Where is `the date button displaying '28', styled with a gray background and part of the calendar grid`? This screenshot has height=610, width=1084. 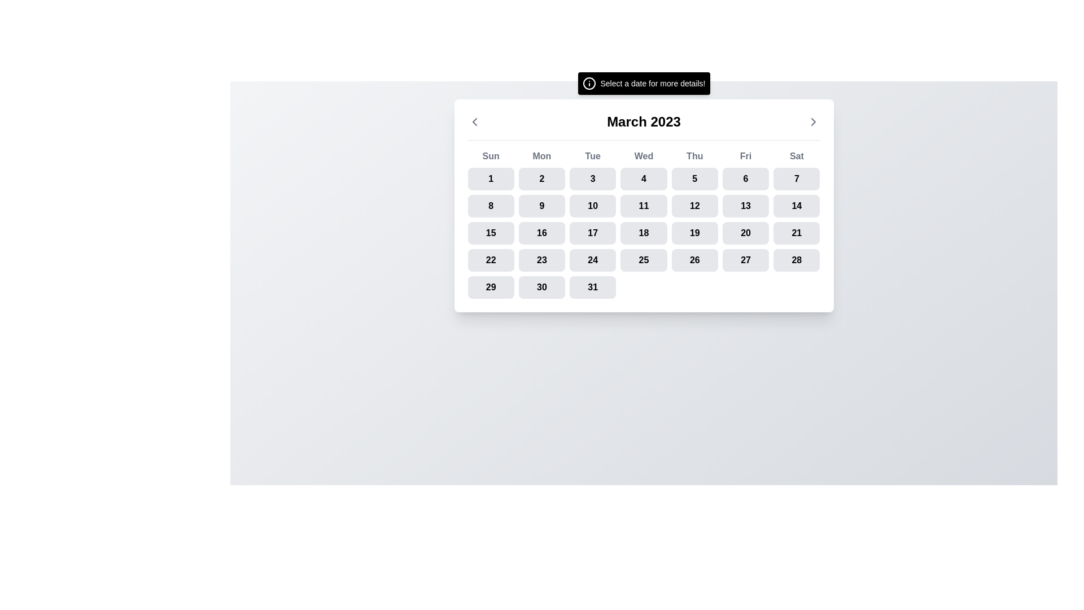
the date button displaying '28', styled with a gray background and part of the calendar grid is located at coordinates (796, 260).